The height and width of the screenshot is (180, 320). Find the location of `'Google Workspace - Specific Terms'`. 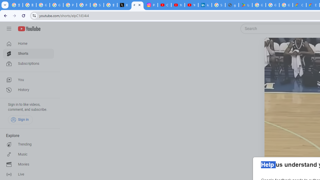

'Google Workspace - Specific Terms' is located at coordinates (286, 5).